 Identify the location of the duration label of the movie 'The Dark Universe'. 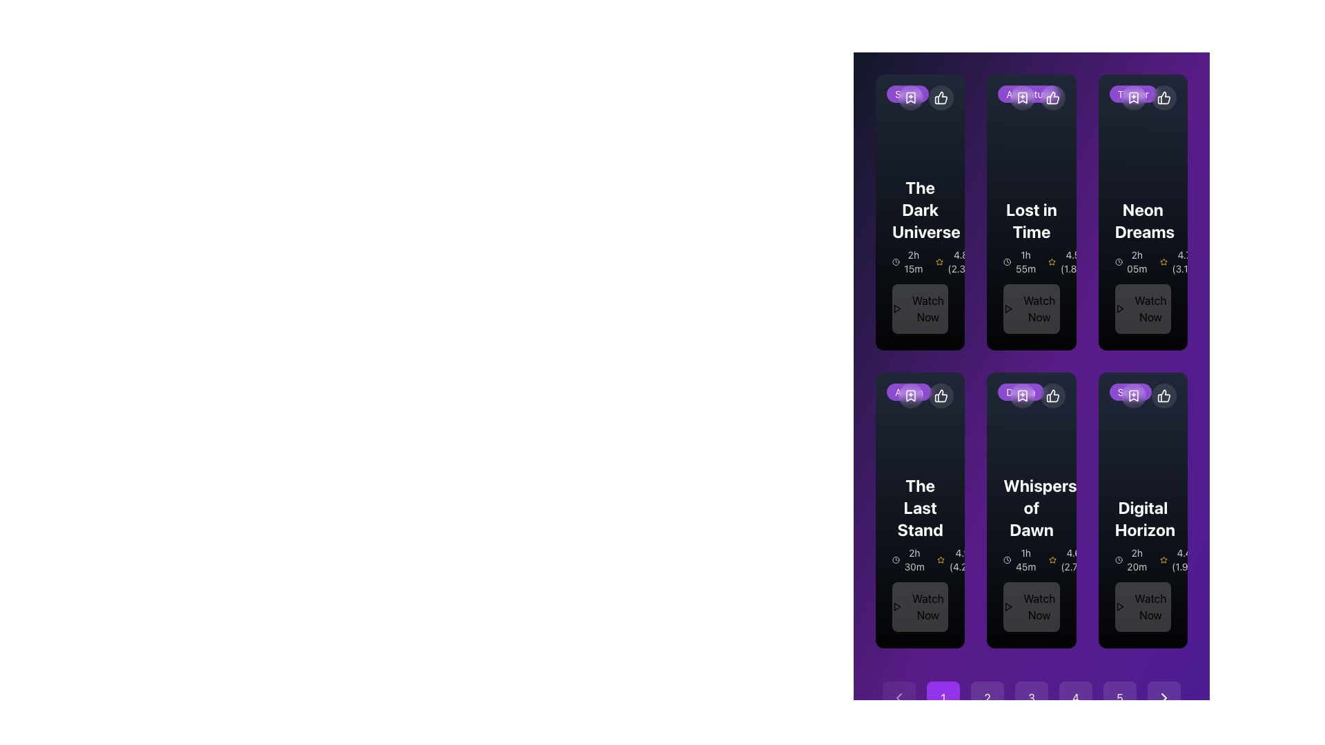
(908, 262).